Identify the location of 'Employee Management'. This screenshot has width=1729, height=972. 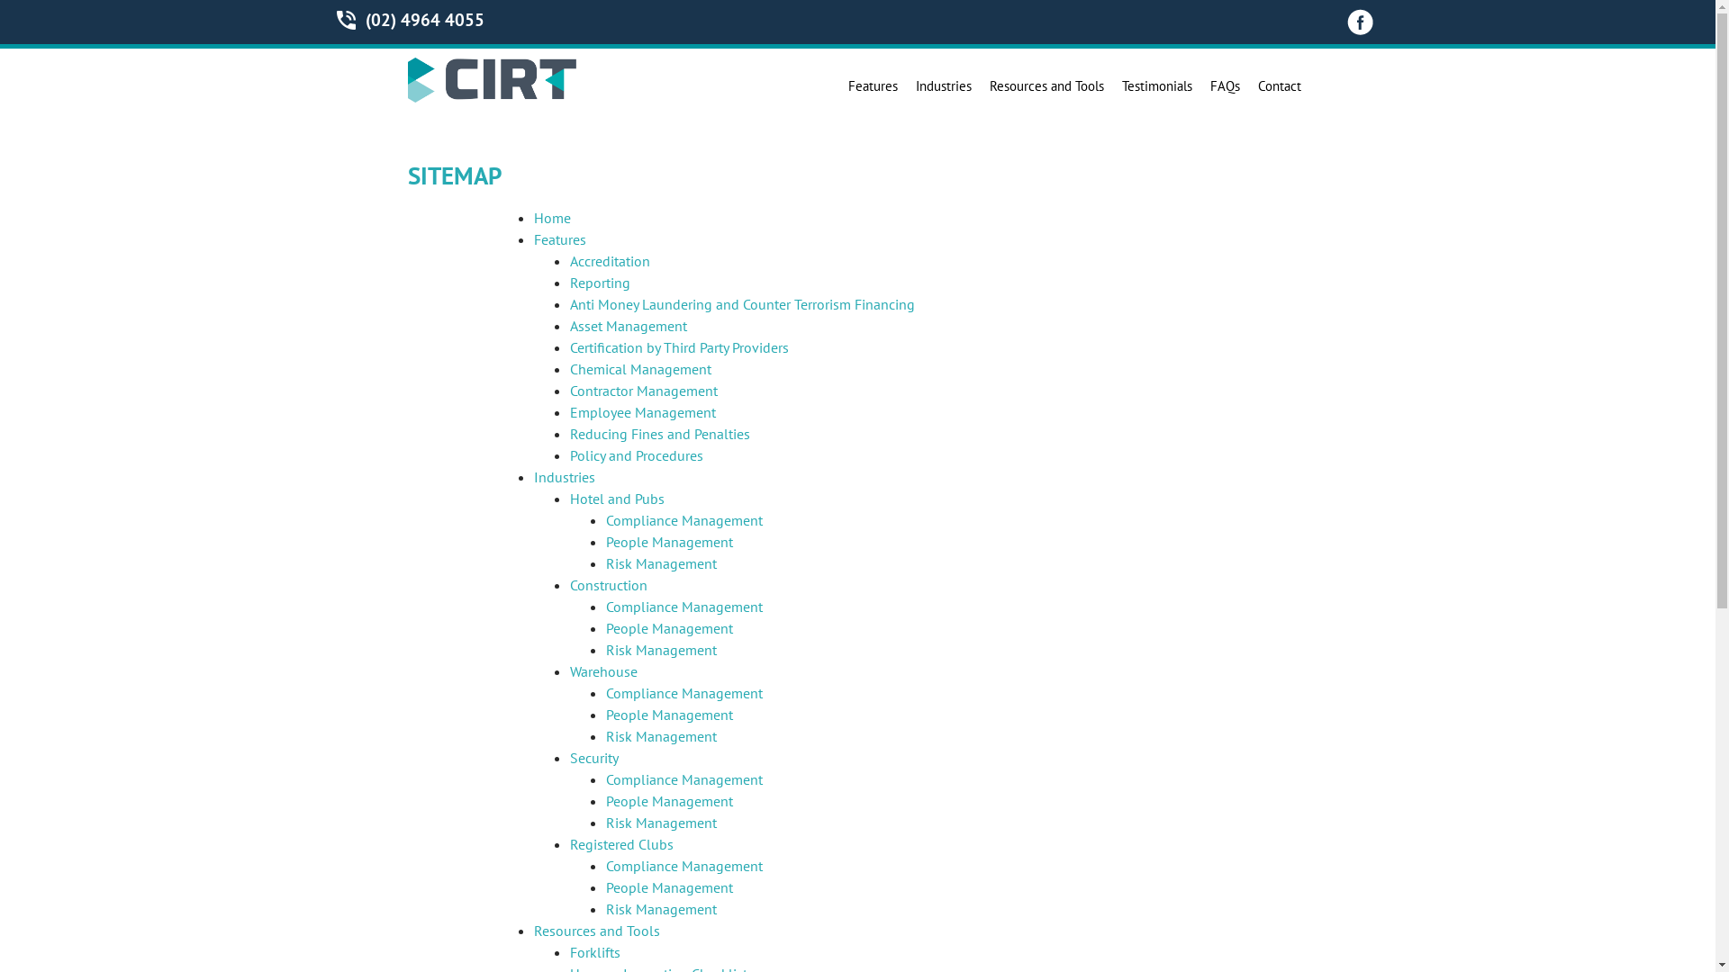
(568, 412).